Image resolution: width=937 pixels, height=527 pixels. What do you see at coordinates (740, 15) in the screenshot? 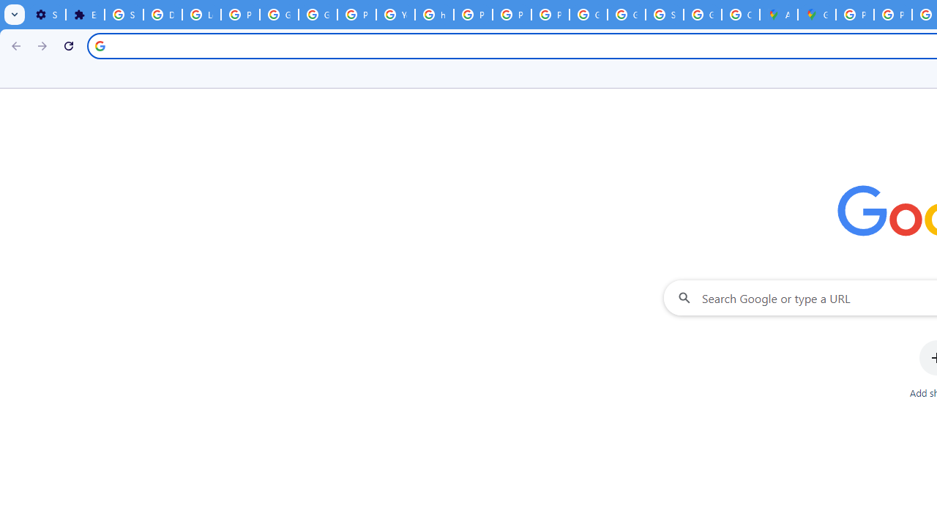
I see `'Create your Google Account'` at bounding box center [740, 15].